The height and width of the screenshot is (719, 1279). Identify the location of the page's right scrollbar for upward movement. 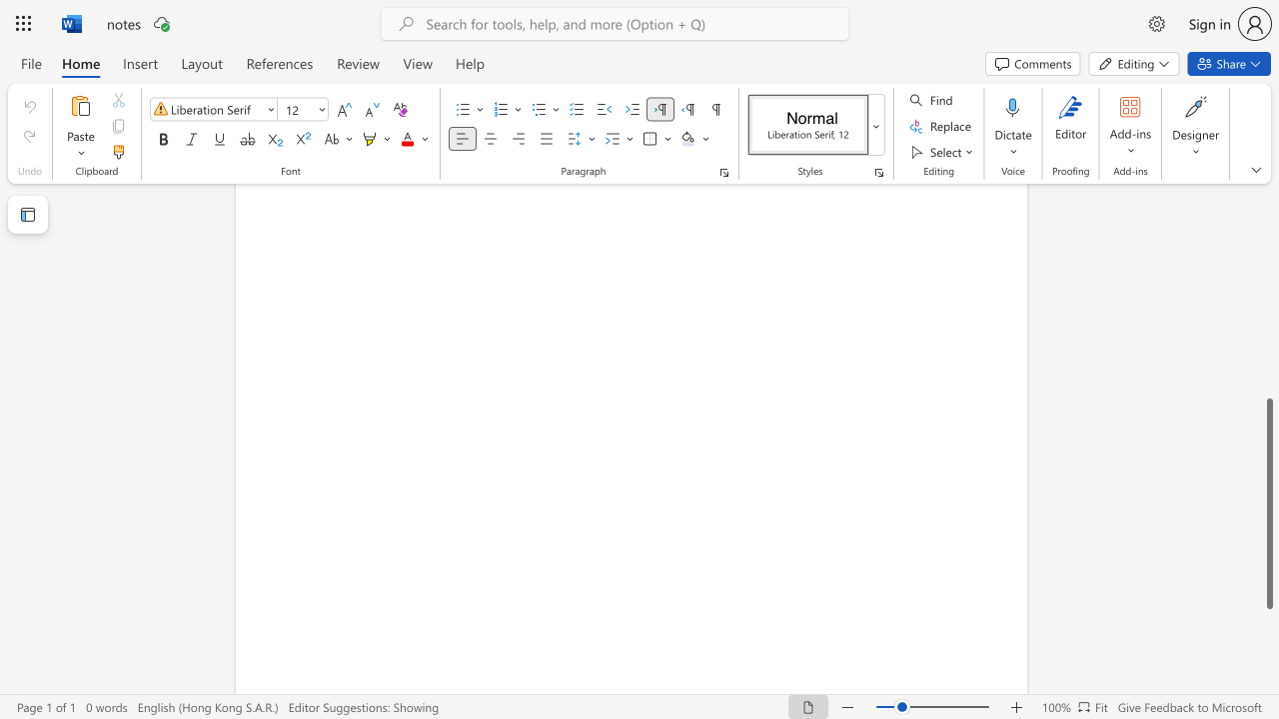
(1268, 328).